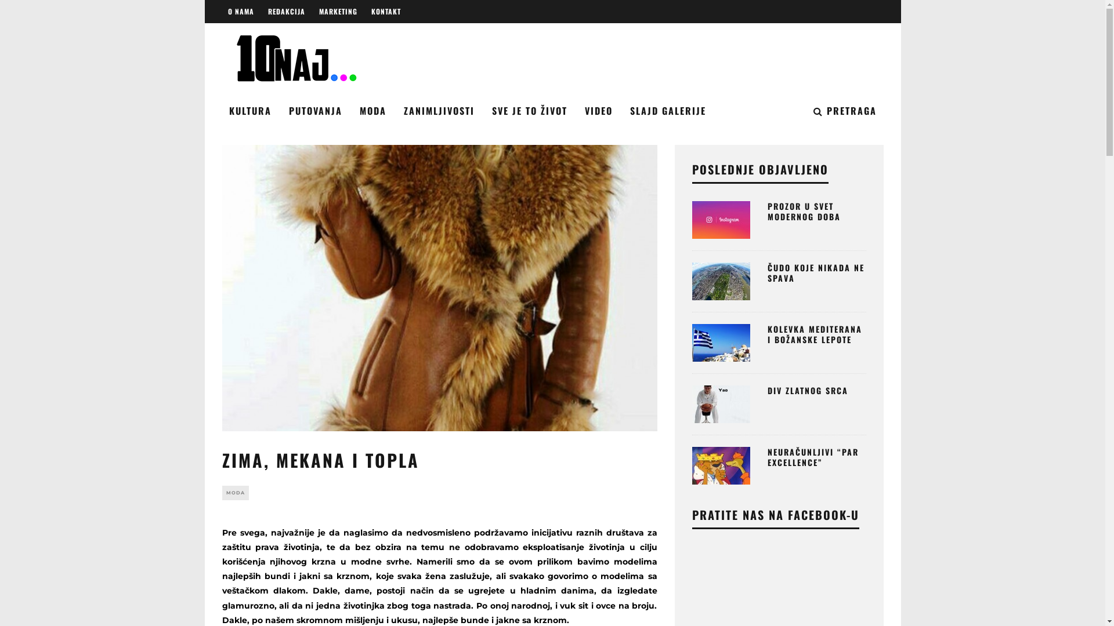 Image resolution: width=1114 pixels, height=626 pixels. What do you see at coordinates (386, 11) in the screenshot?
I see `'KONTAKT'` at bounding box center [386, 11].